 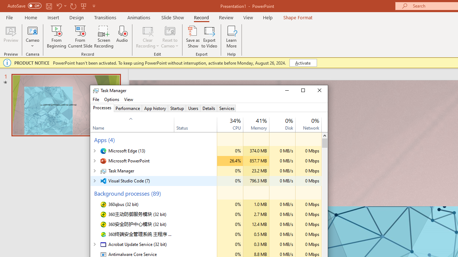 What do you see at coordinates (235, 120) in the screenshot?
I see `'25%'` at bounding box center [235, 120].